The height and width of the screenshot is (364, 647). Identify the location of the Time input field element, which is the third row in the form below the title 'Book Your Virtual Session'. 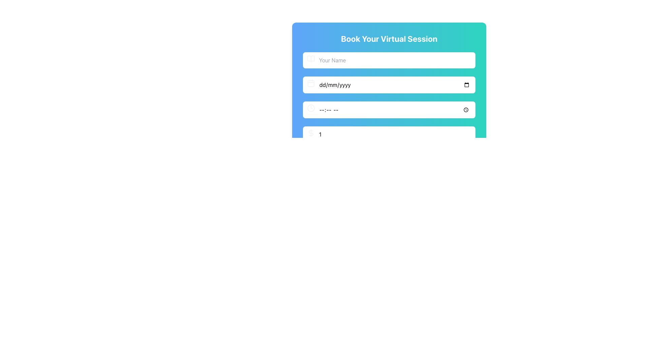
(389, 109).